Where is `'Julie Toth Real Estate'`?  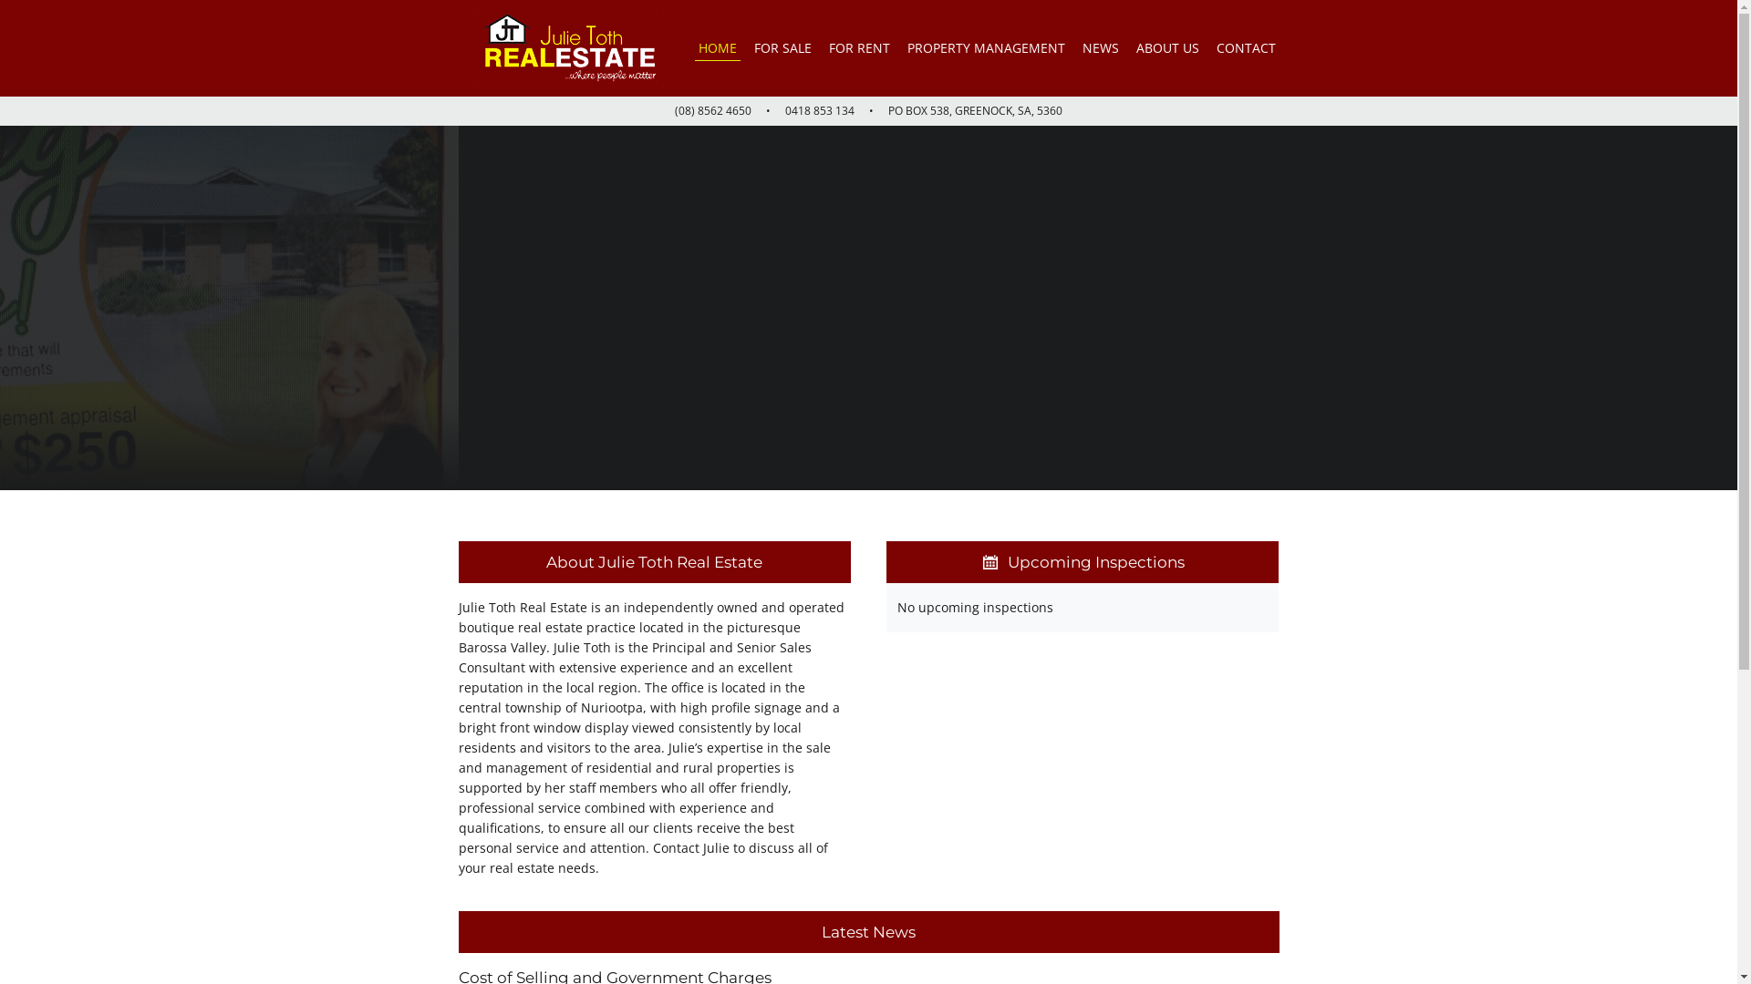
'Julie Toth Real Estate' is located at coordinates (568, 47).